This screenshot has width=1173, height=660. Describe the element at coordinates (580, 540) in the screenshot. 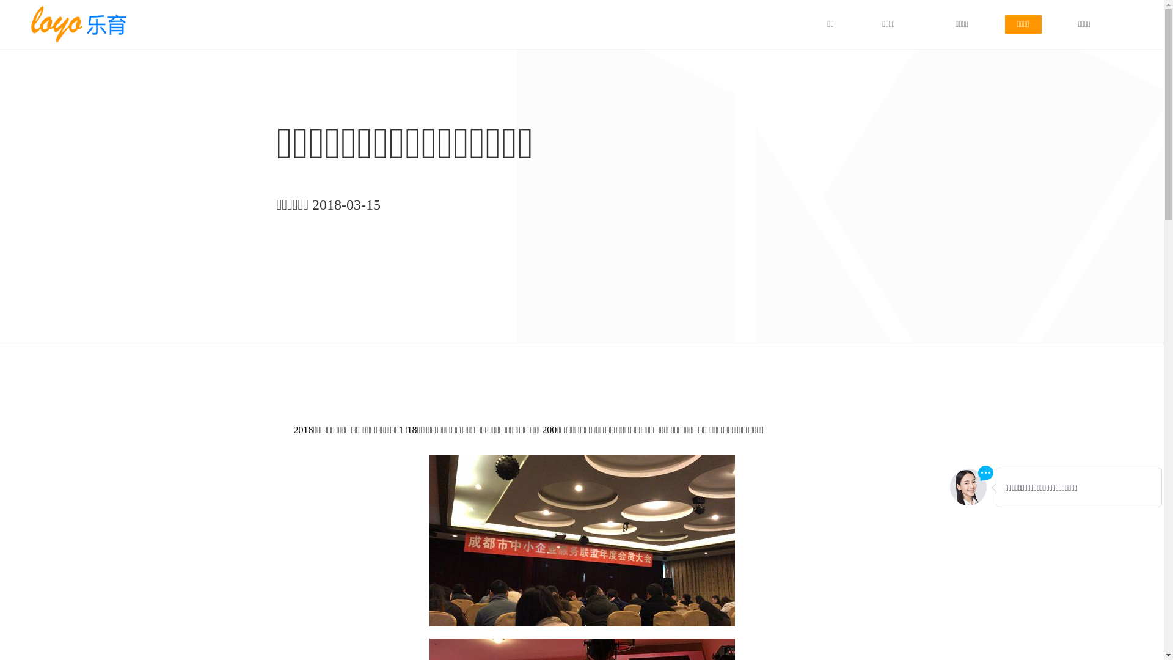

I see `'1530172022911297.jpg'` at that location.